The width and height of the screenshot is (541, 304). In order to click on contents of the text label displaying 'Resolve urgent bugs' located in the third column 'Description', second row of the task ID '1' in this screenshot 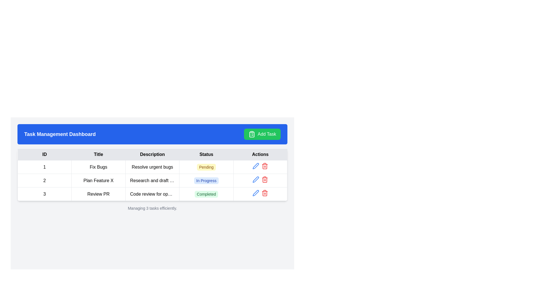, I will do `click(152, 167)`.